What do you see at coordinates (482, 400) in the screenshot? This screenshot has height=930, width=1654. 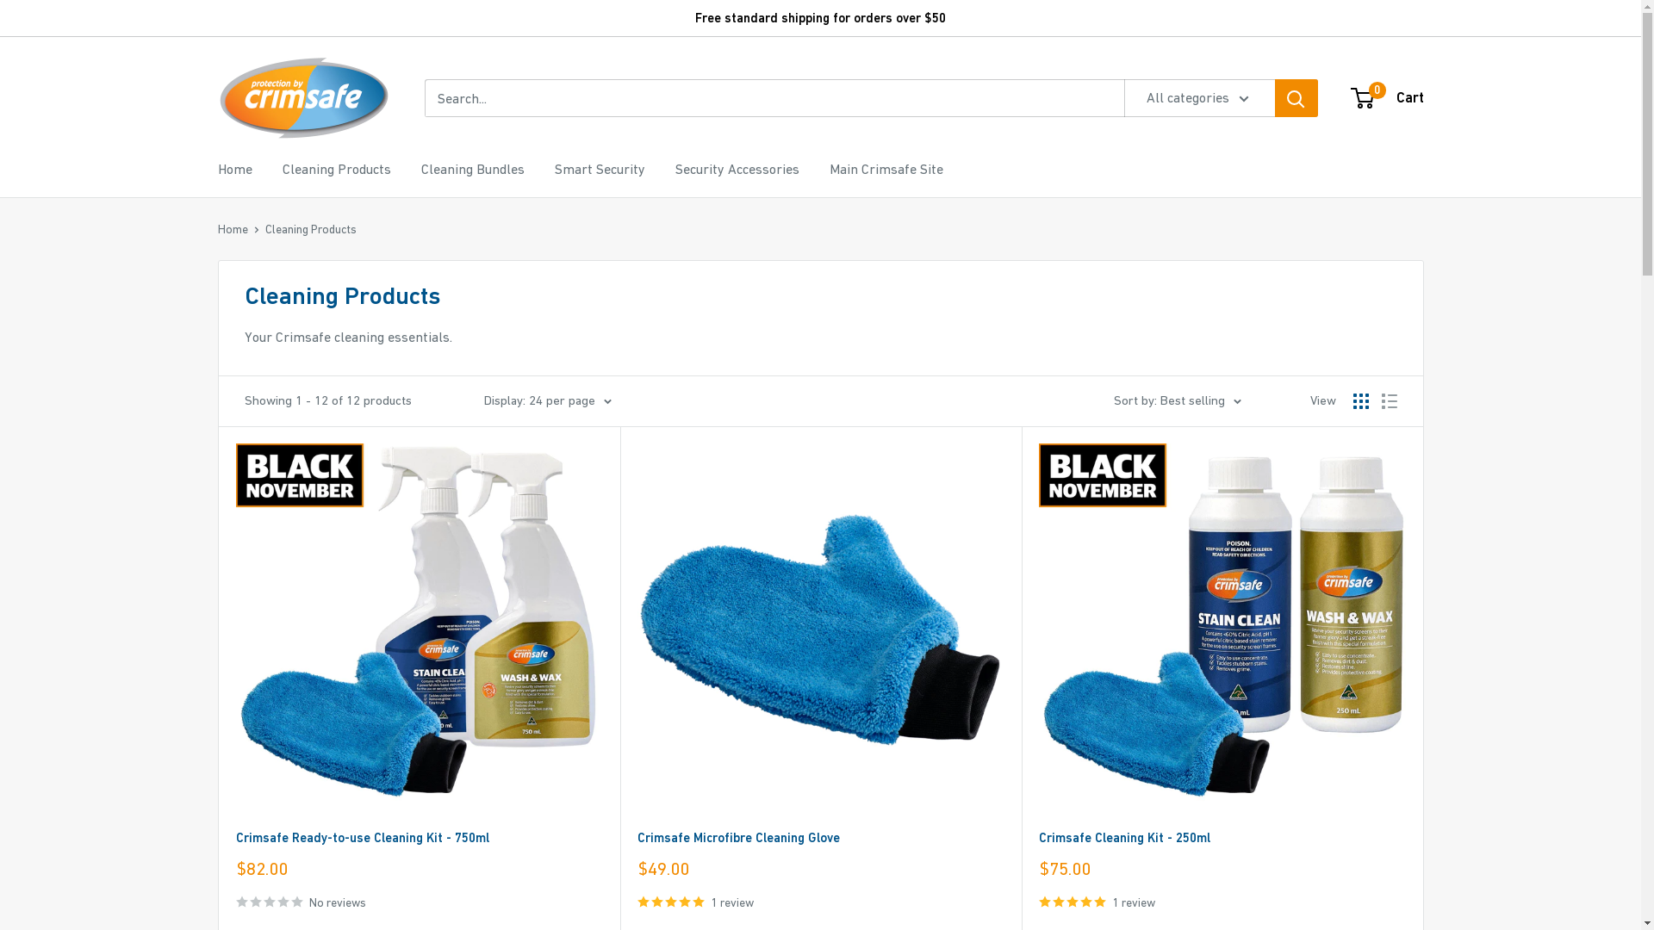 I see `'Display: 24 per page'` at bounding box center [482, 400].